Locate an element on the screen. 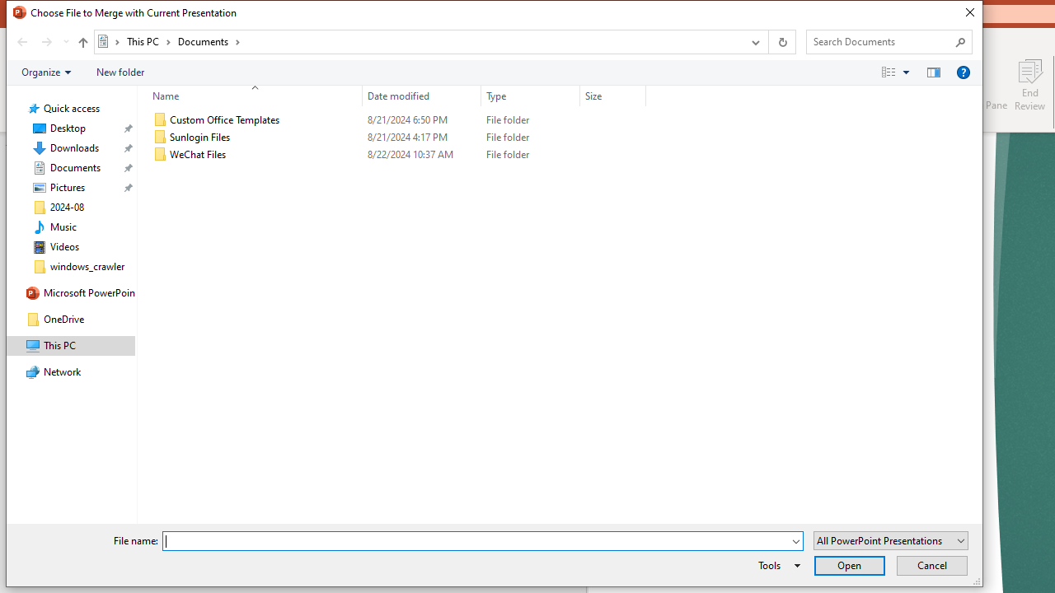 The width and height of the screenshot is (1055, 593). '&Help' is located at coordinates (963, 71).